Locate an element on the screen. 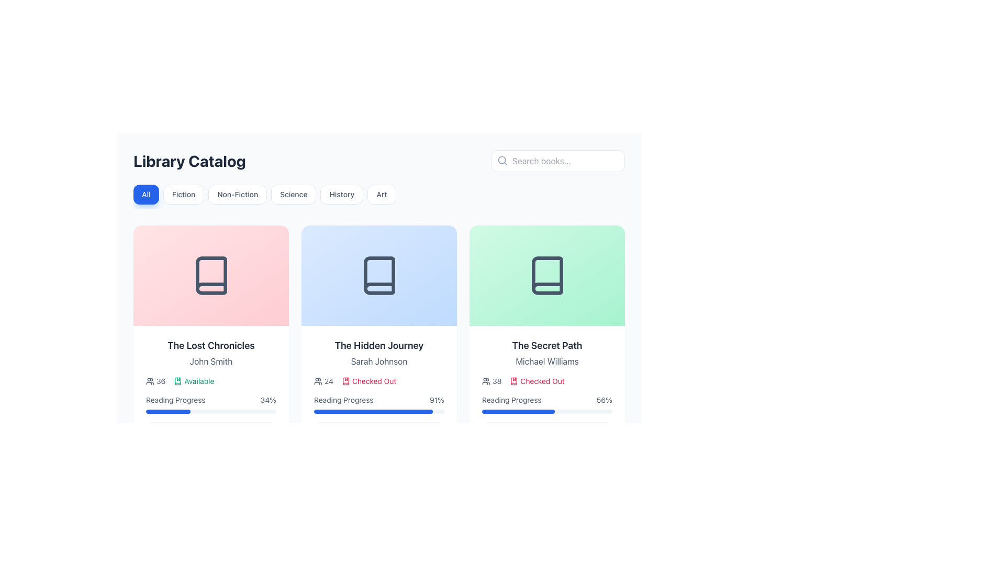 Image resolution: width=1005 pixels, height=565 pixels. numeric value '24' indicating a count, which is styled in gray and located under the title and author information of the second book card, to the left of the 'Checked Out' text is located at coordinates (323, 381).